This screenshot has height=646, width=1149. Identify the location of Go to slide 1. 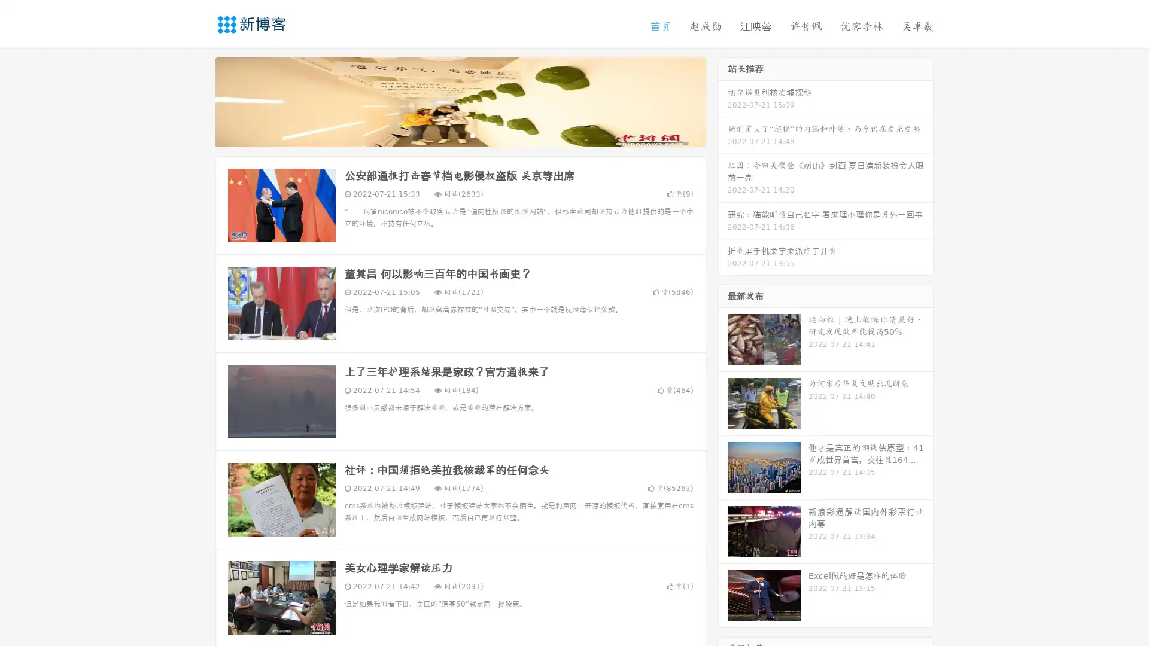
(448, 135).